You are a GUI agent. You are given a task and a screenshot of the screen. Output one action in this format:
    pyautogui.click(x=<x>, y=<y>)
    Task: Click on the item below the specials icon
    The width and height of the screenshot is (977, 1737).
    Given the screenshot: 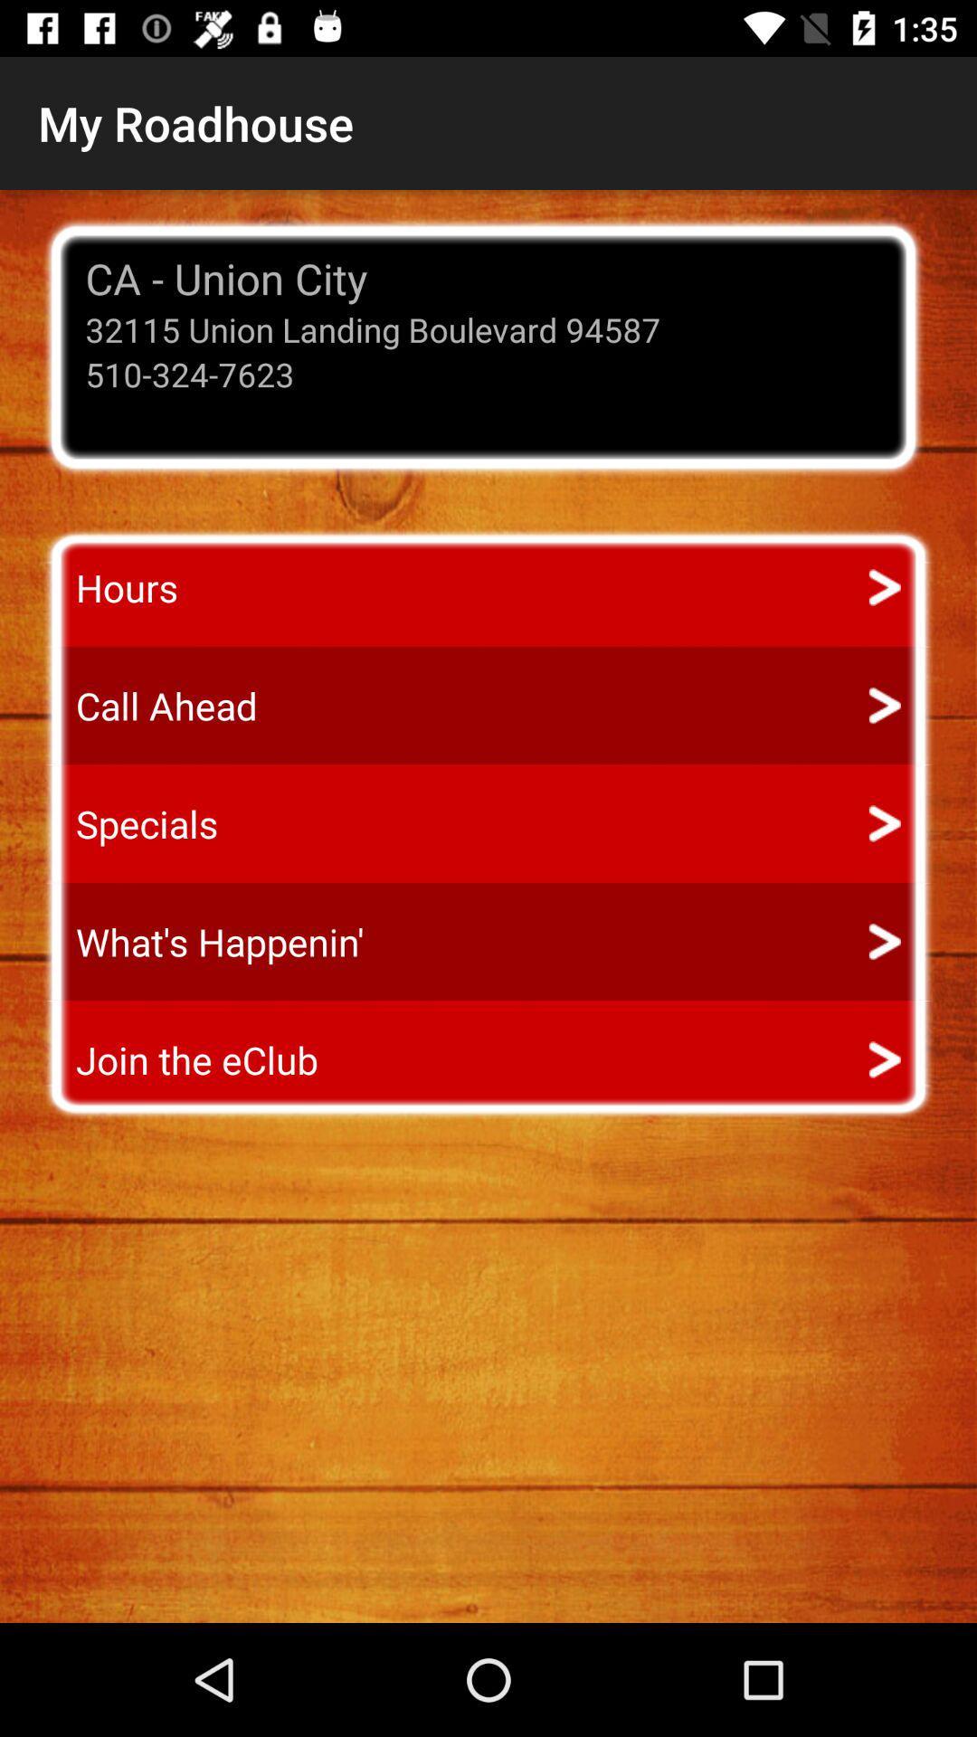 What is the action you would take?
    pyautogui.click(x=203, y=941)
    